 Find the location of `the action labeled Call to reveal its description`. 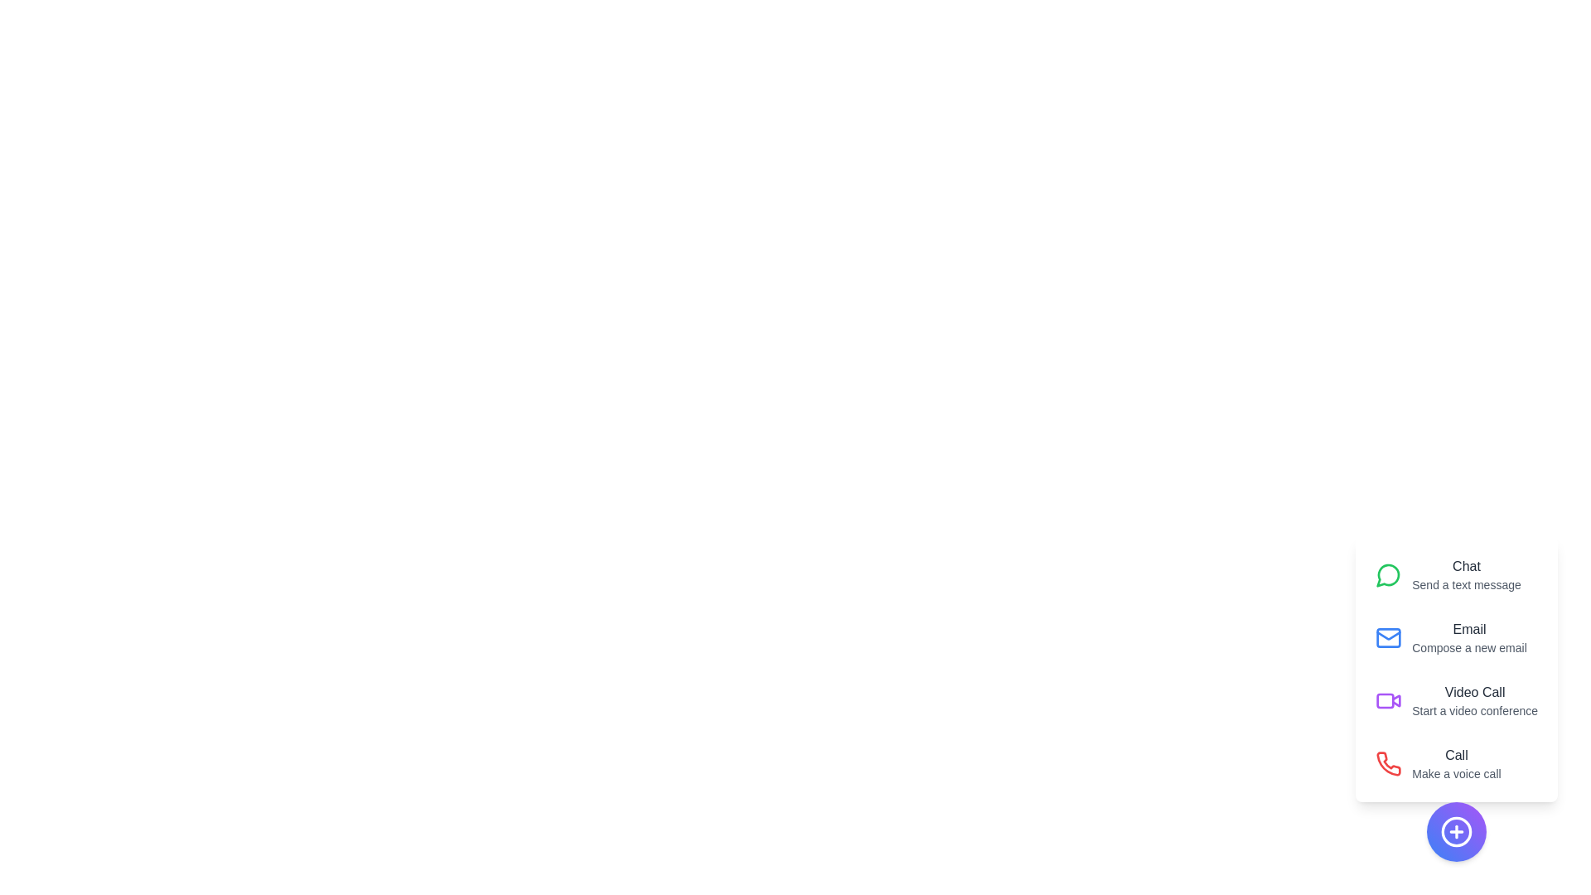

the action labeled Call to reveal its description is located at coordinates (1456, 763).